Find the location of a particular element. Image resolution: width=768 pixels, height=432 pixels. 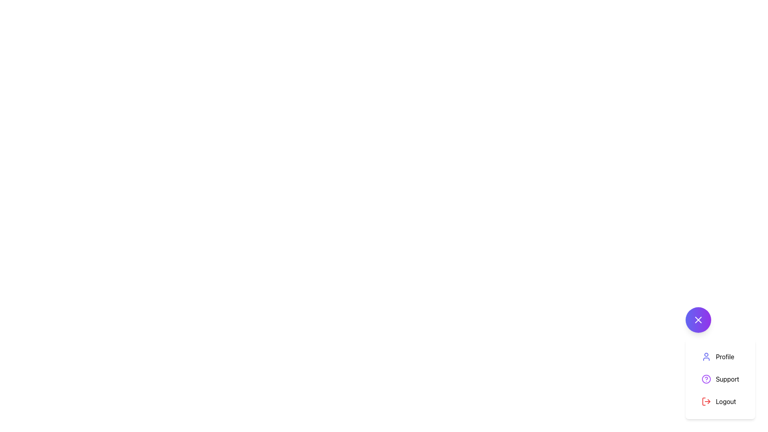

the text label that identifies the profile menu option, located in the top-right corner of the menu, below the purple circular button with a cross icon is located at coordinates (725, 356).